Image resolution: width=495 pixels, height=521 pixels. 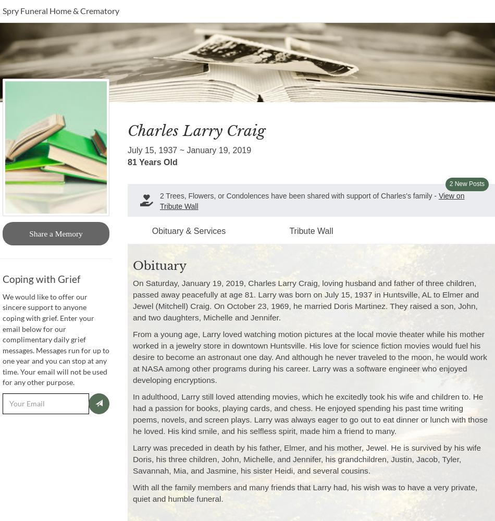 I want to click on '81 Years Old', so click(x=152, y=162).